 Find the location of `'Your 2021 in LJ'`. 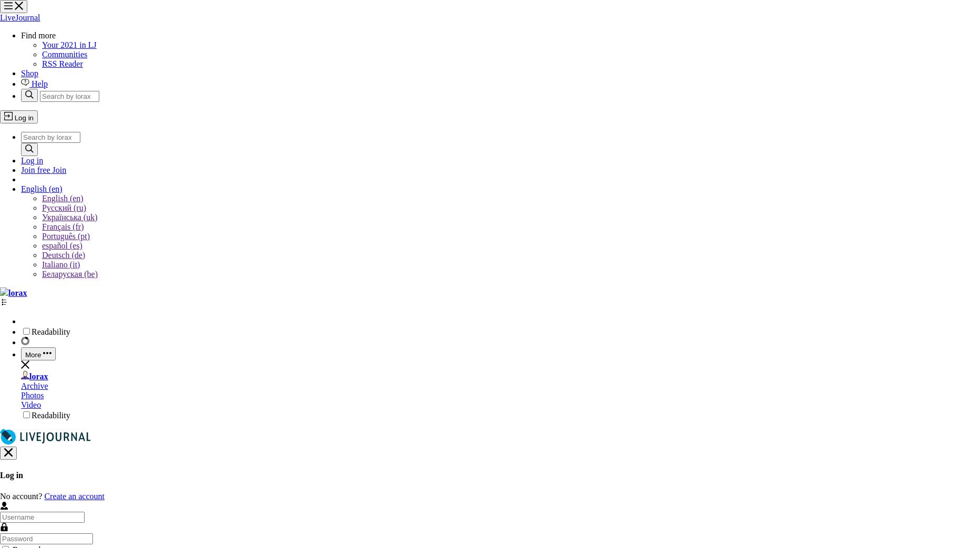

'Your 2021 in LJ' is located at coordinates (41, 45).